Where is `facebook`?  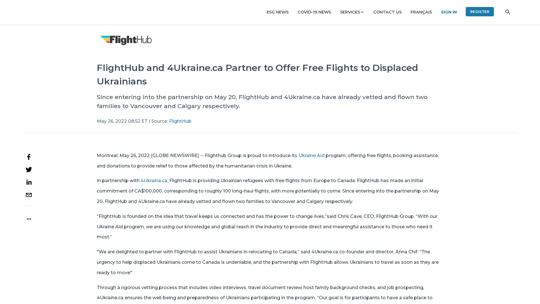 facebook is located at coordinates (28, 157).